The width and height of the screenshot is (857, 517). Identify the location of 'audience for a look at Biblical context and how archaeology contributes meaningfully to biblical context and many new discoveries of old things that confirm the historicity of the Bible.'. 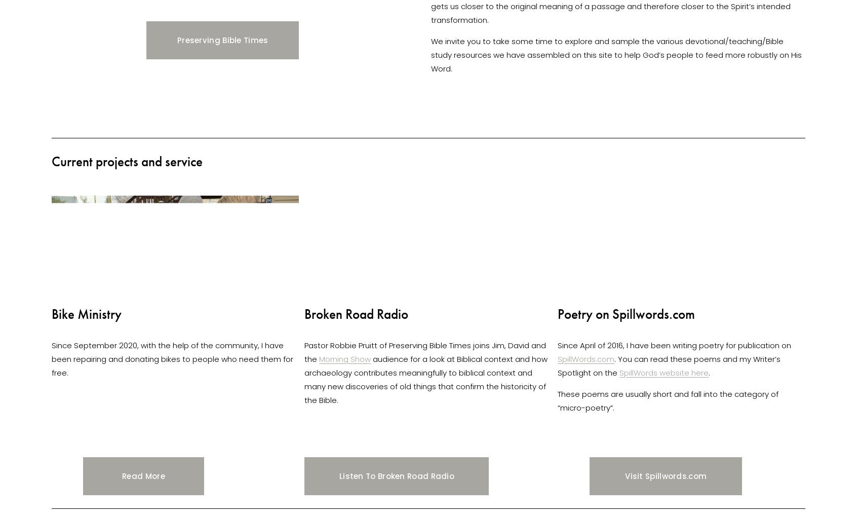
(303, 379).